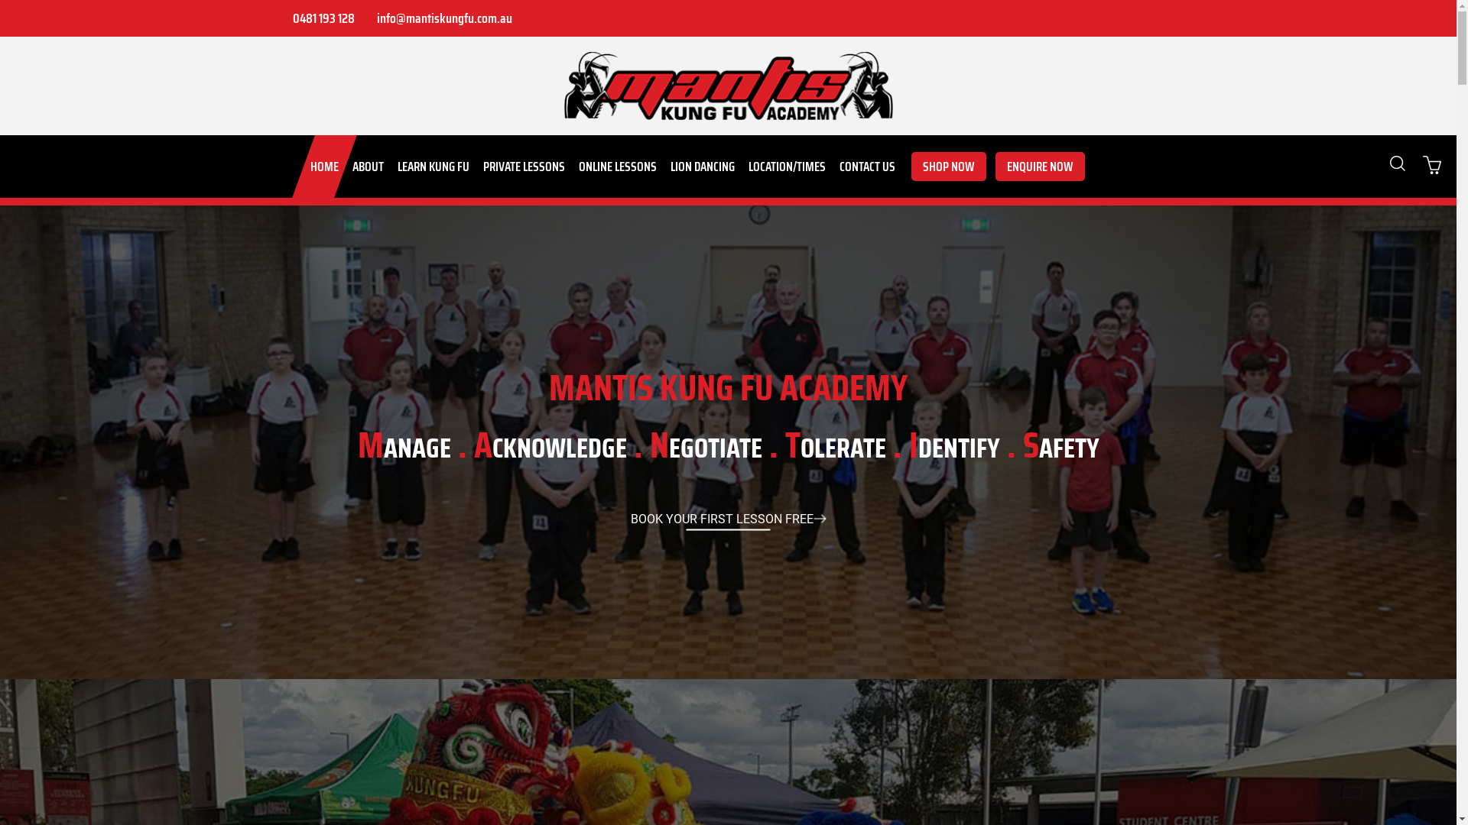  Describe the element at coordinates (368, 167) in the screenshot. I see `'ABOUT'` at that location.